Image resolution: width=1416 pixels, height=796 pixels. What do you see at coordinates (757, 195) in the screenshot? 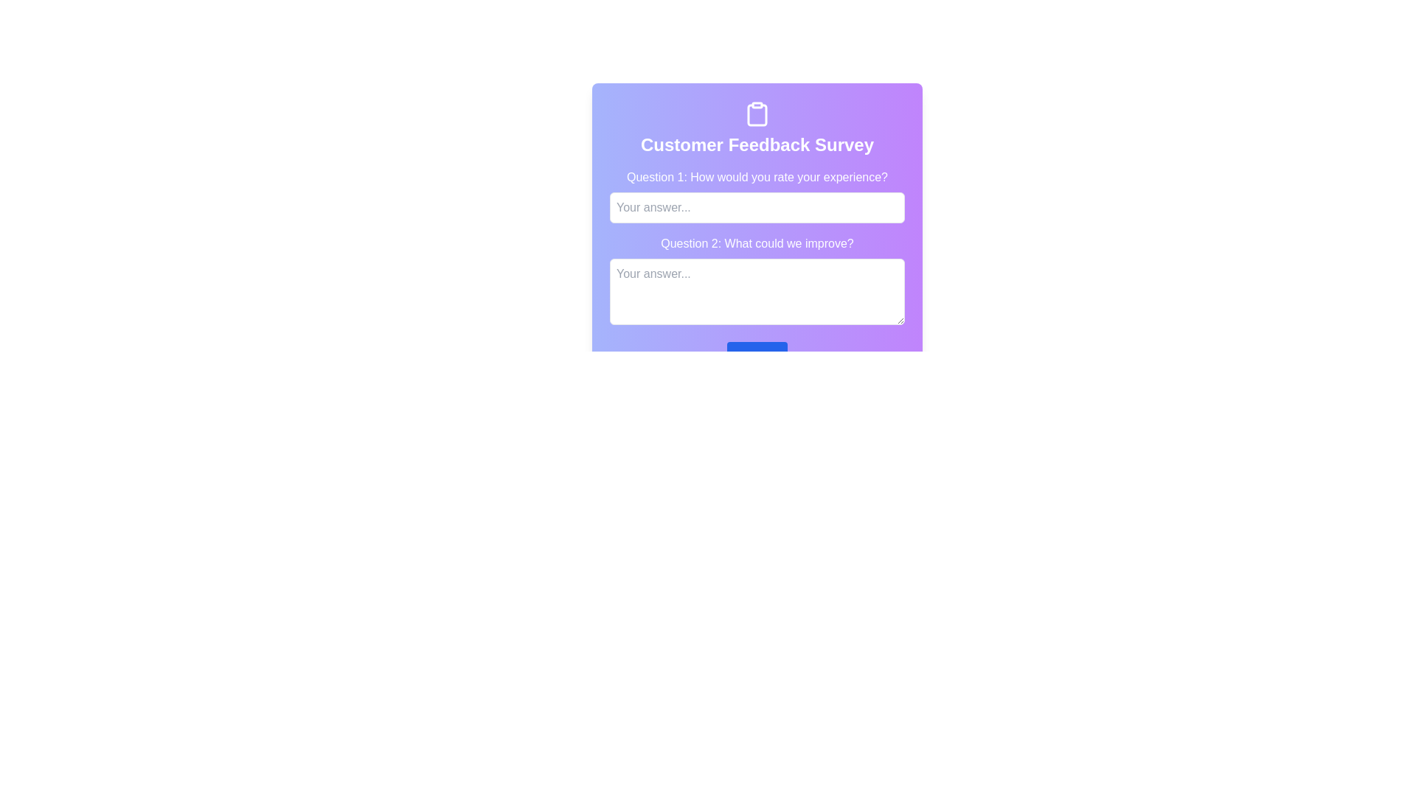
I see `question text from the Form question with a text input field displaying 'Question 1: How would you rate your experience?'` at bounding box center [757, 195].